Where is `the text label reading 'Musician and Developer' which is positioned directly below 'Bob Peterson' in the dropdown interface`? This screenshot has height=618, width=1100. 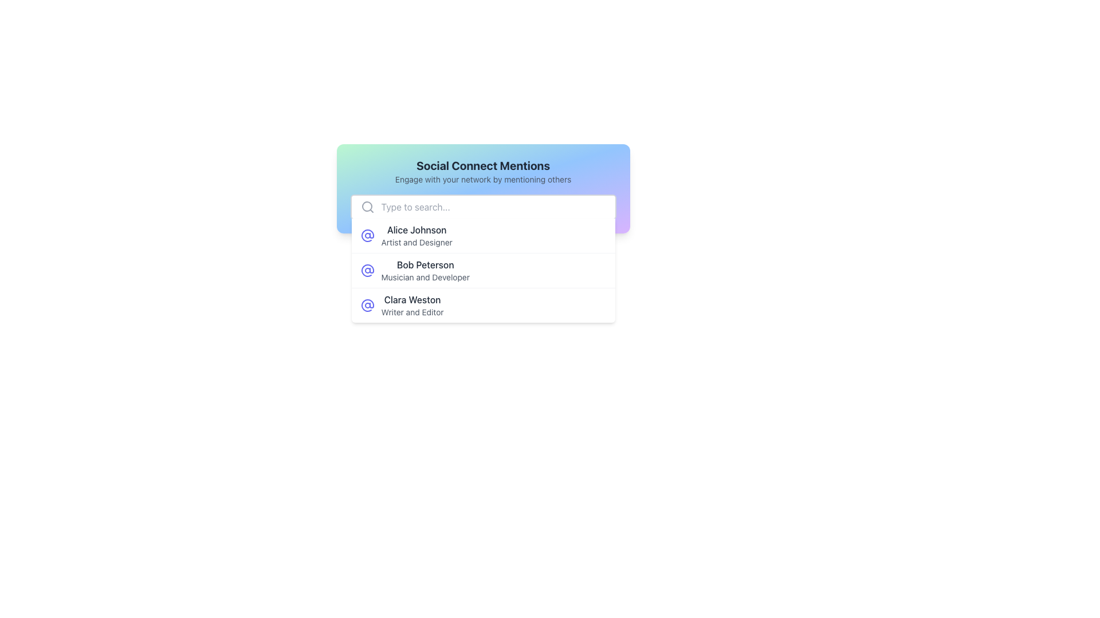
the text label reading 'Musician and Developer' which is positioned directly below 'Bob Peterson' in the dropdown interface is located at coordinates (425, 278).